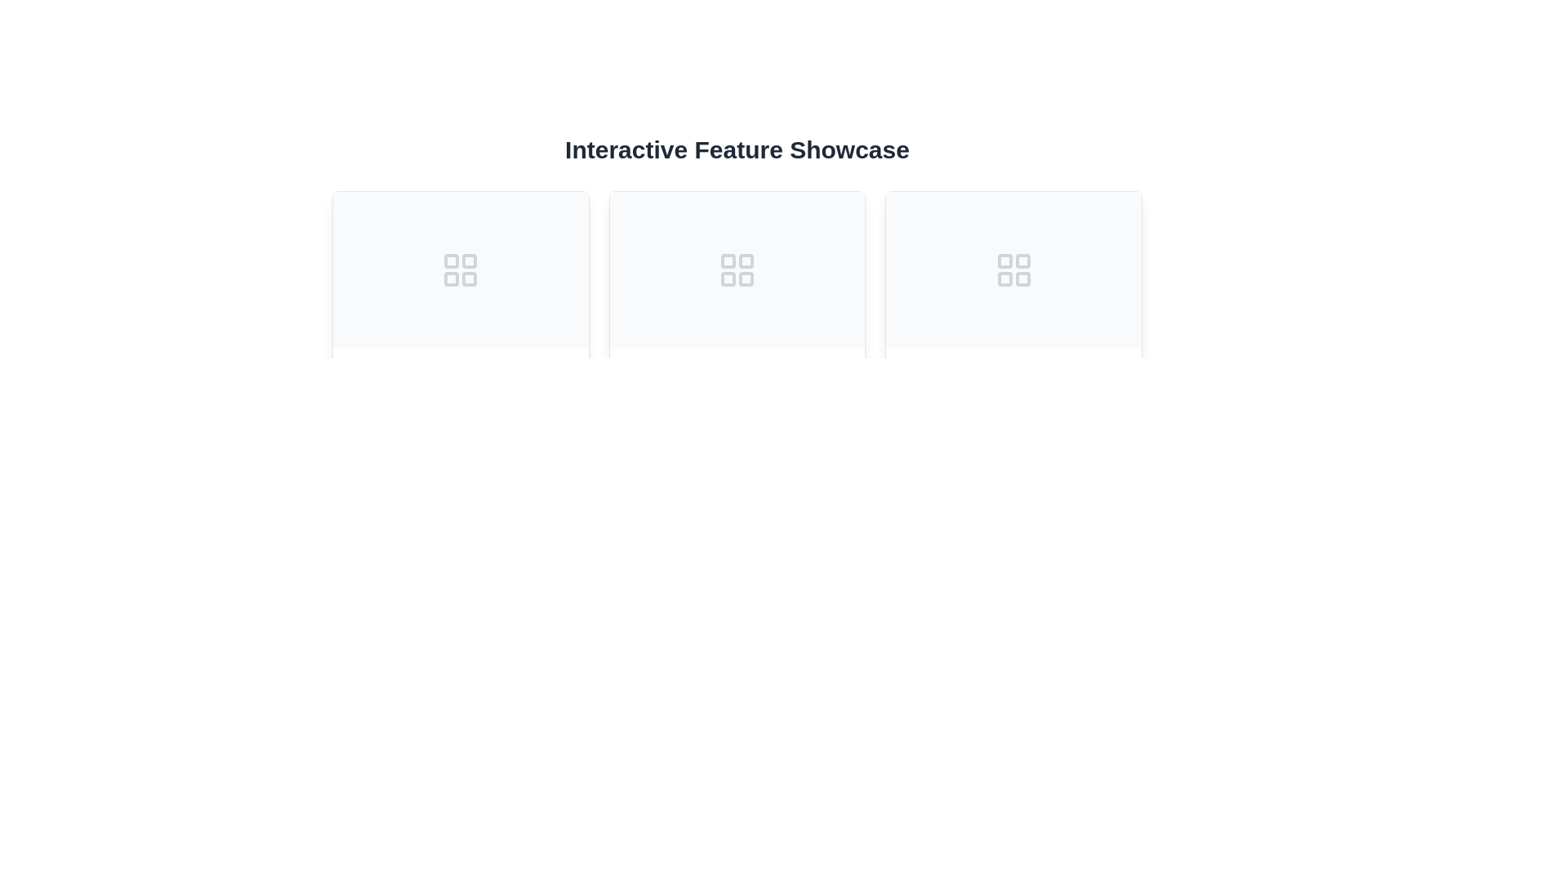 This screenshot has width=1568, height=882. I want to click on the top-left decorative square within a 2x2 grid of squares inside the main icon element, so click(452, 261).